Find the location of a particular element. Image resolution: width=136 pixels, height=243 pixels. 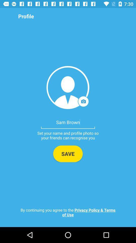

the item below set your name item is located at coordinates (68, 153).